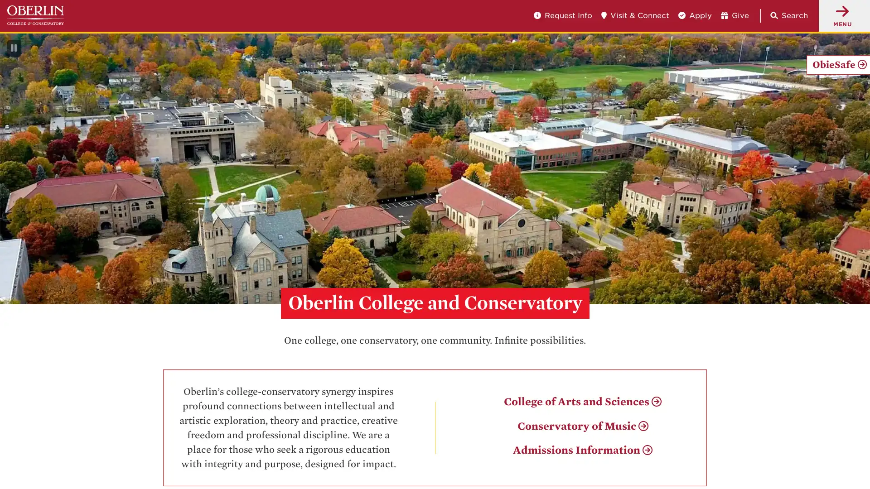  I want to click on Pause Video, so click(14, 48).